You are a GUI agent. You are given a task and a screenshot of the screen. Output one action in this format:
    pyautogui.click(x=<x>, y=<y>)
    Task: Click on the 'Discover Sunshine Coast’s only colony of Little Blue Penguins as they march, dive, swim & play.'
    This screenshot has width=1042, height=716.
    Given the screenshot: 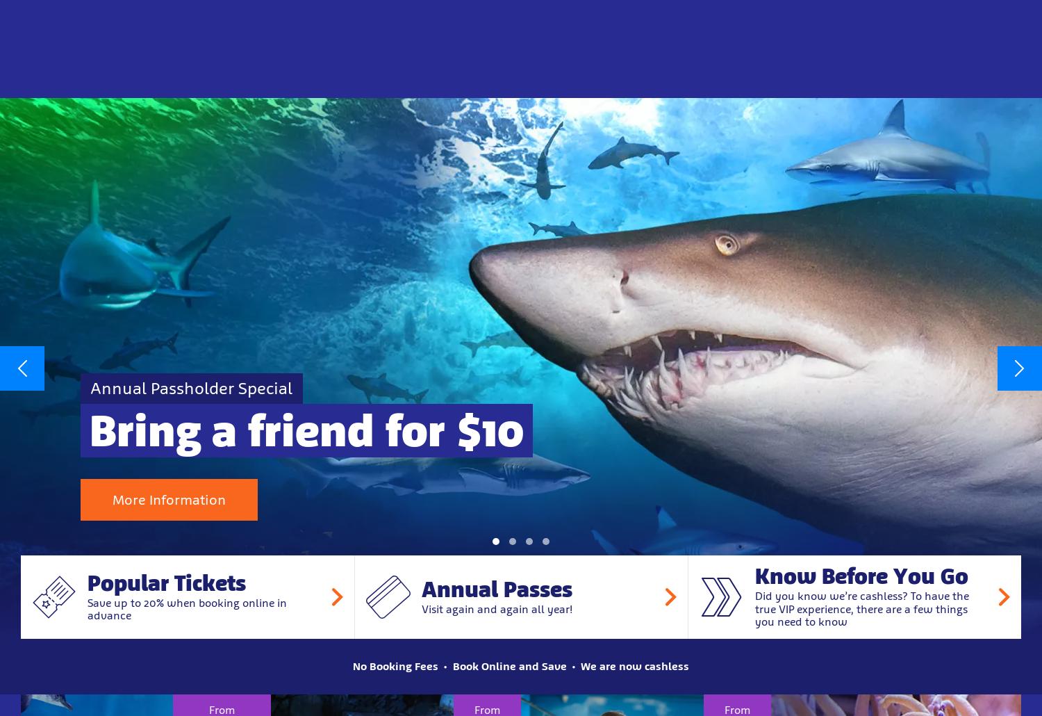 What is the action you would take?
    pyautogui.click(x=759, y=242)
    